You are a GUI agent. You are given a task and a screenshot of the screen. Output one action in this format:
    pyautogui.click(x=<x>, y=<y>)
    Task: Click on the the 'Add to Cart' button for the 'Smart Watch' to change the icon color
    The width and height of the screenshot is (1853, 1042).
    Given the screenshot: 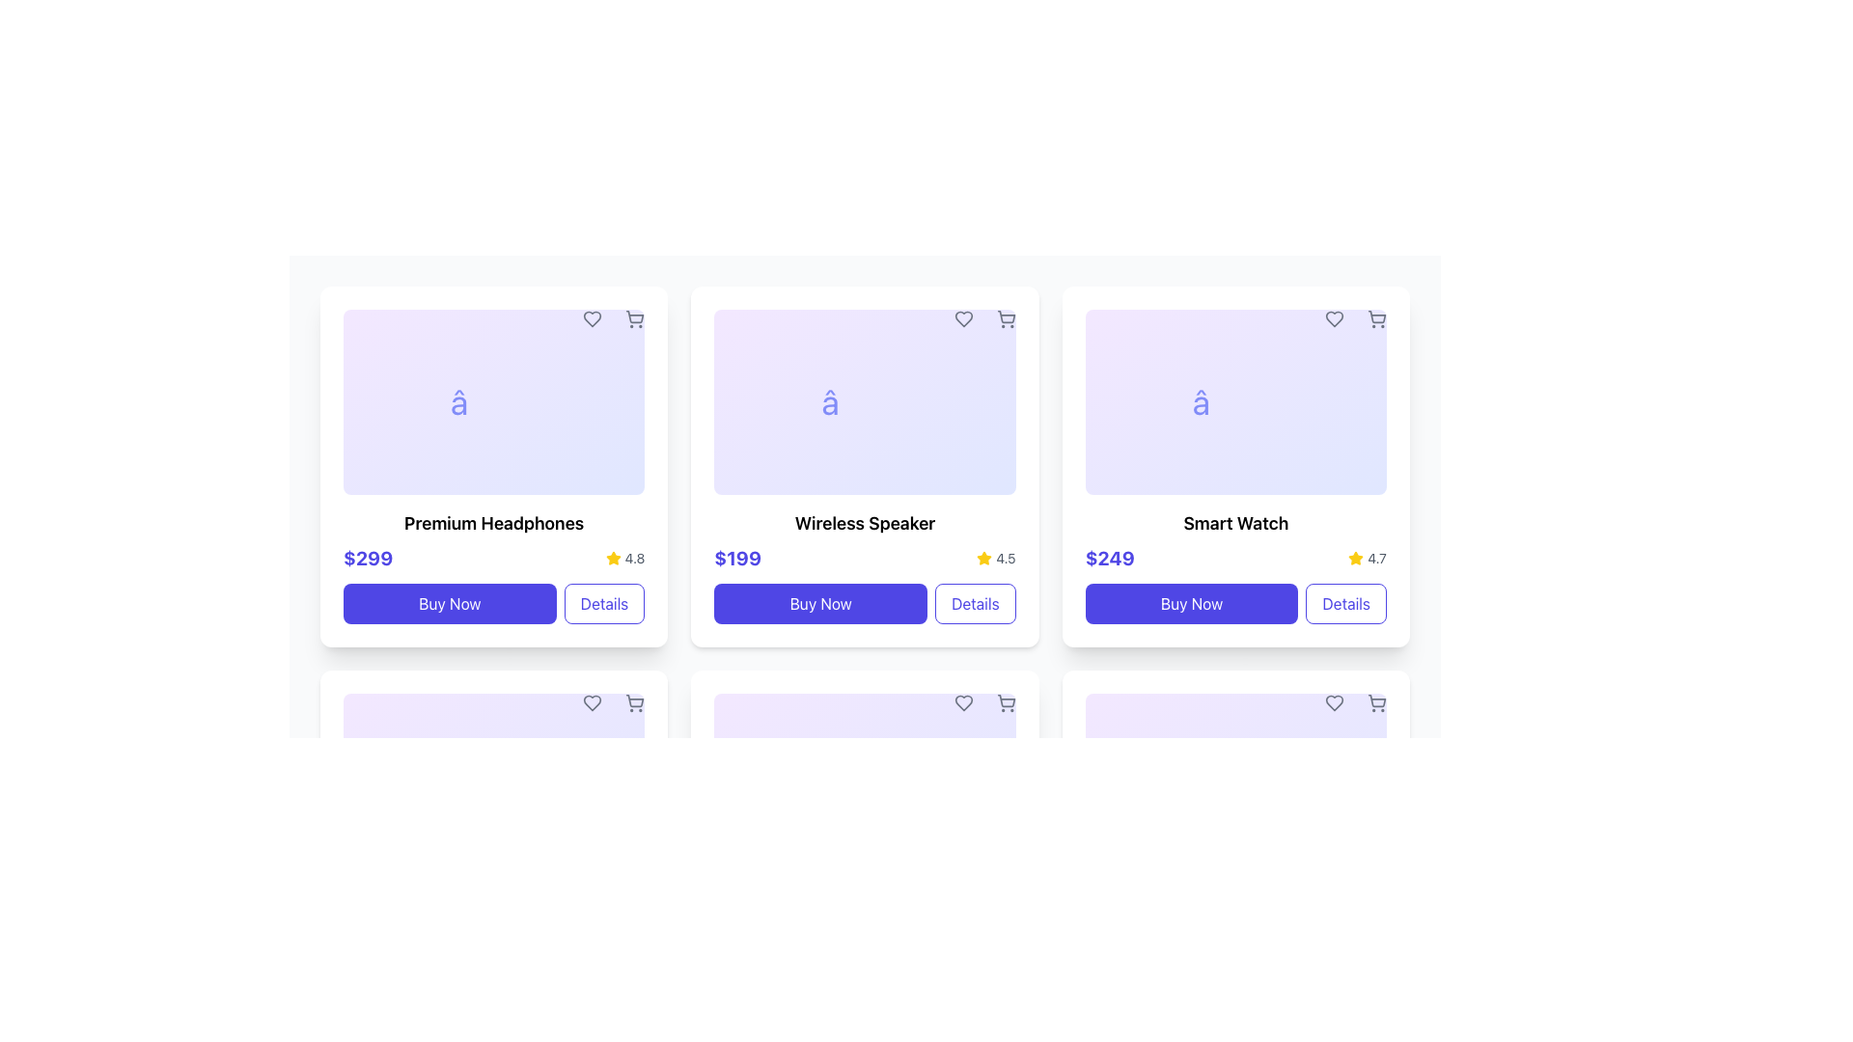 What is the action you would take?
    pyautogui.click(x=1375, y=318)
    